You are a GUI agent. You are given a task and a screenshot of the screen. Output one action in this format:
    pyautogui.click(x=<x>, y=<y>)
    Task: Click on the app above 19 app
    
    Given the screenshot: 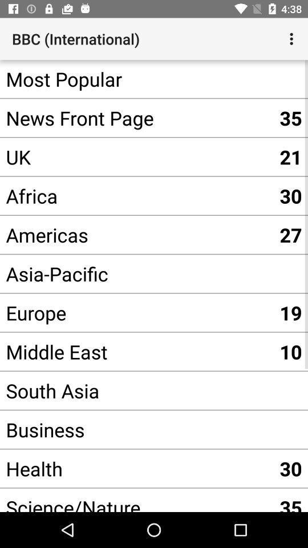 What is the action you would take?
    pyautogui.click(x=136, y=273)
    